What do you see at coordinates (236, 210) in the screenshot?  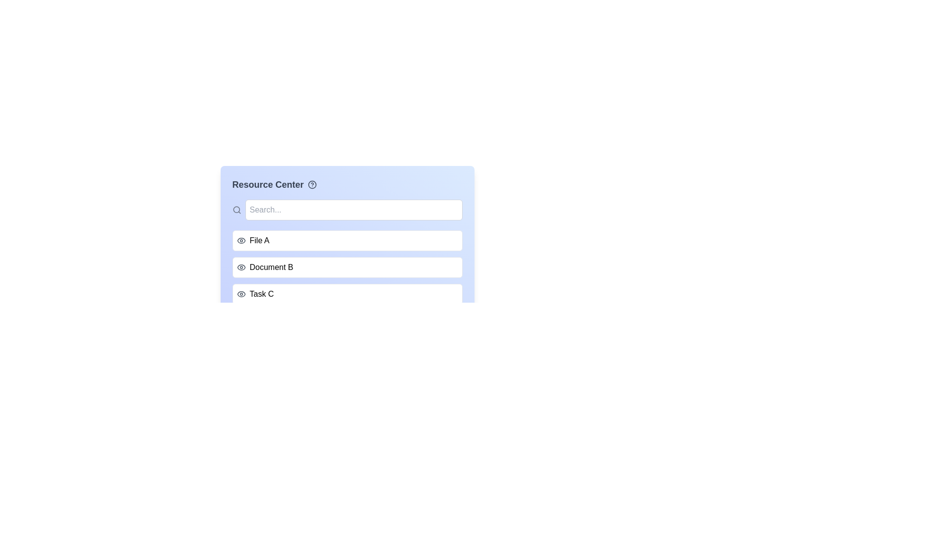 I see `the search icon located immediately to the left of the 'Search...' input field in the top-left section of the search panel` at bounding box center [236, 210].